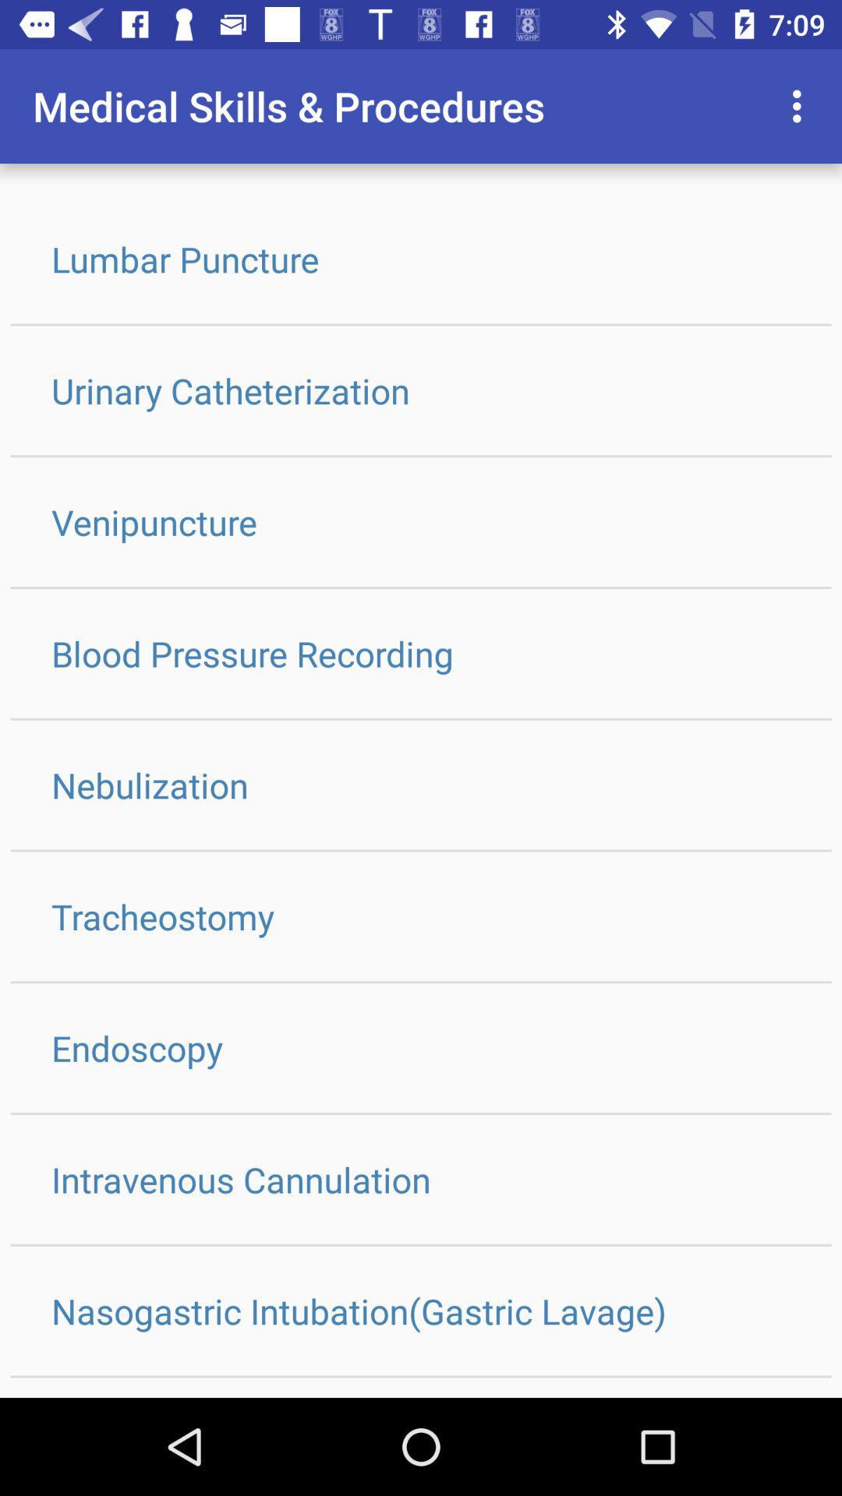  I want to click on the urinary catheterization icon, so click(421, 390).